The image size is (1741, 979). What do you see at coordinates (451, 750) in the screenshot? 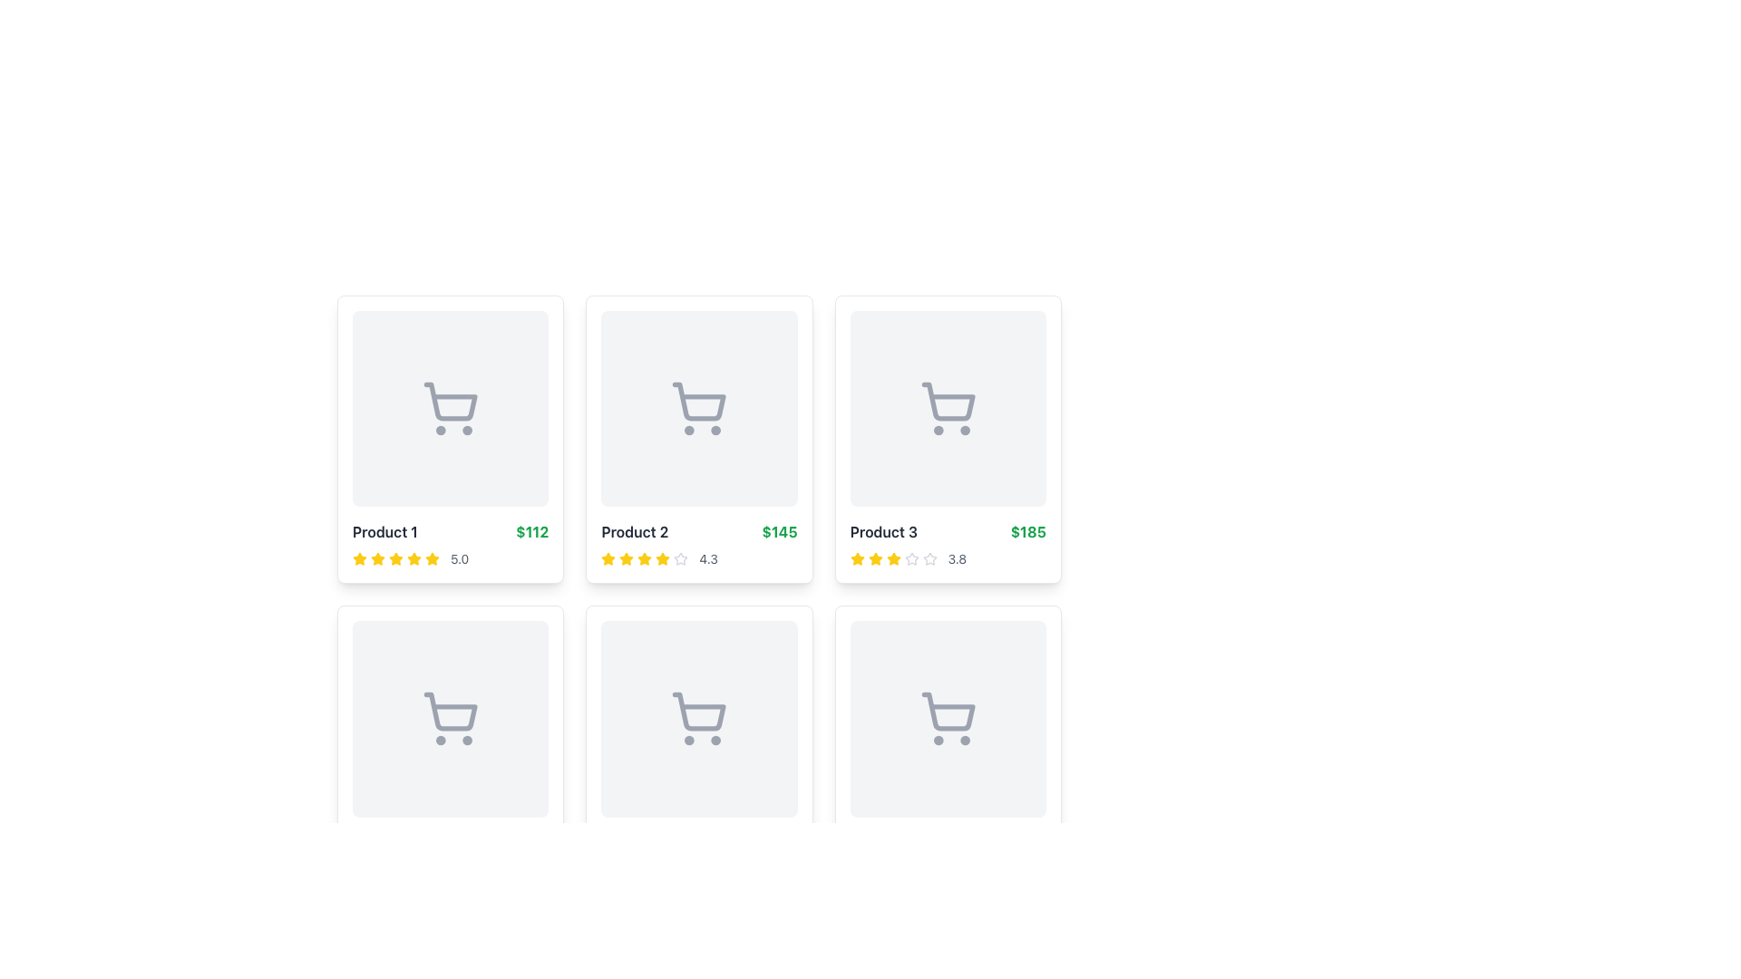
I see `the shopping cart icon located on the Product card with a white background and rounded corners, which is the first item in the second row of the grid layout` at bounding box center [451, 750].